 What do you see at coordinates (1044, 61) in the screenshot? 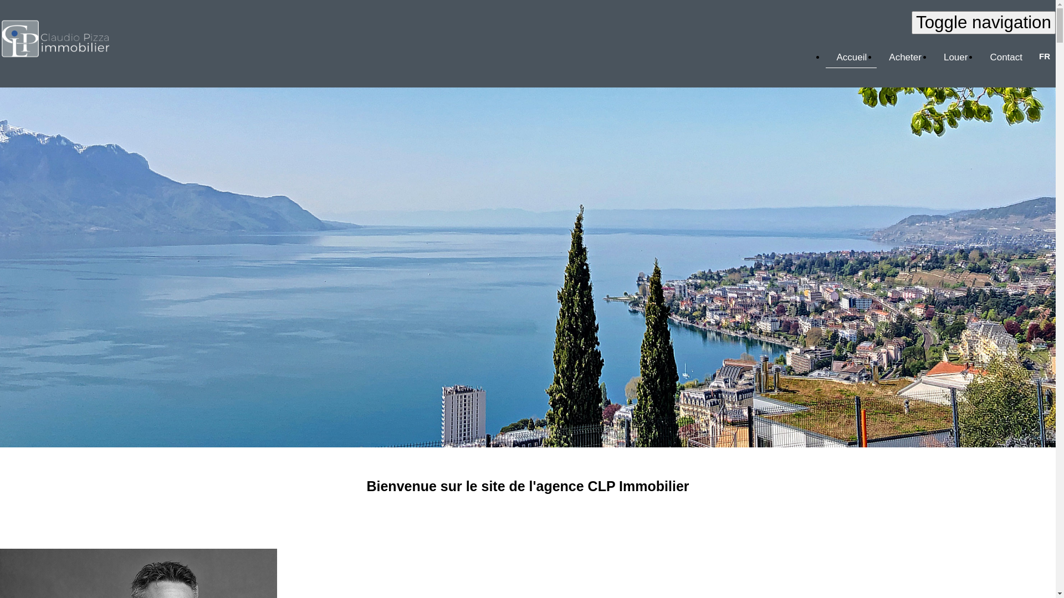
I see `'FR'` at bounding box center [1044, 61].